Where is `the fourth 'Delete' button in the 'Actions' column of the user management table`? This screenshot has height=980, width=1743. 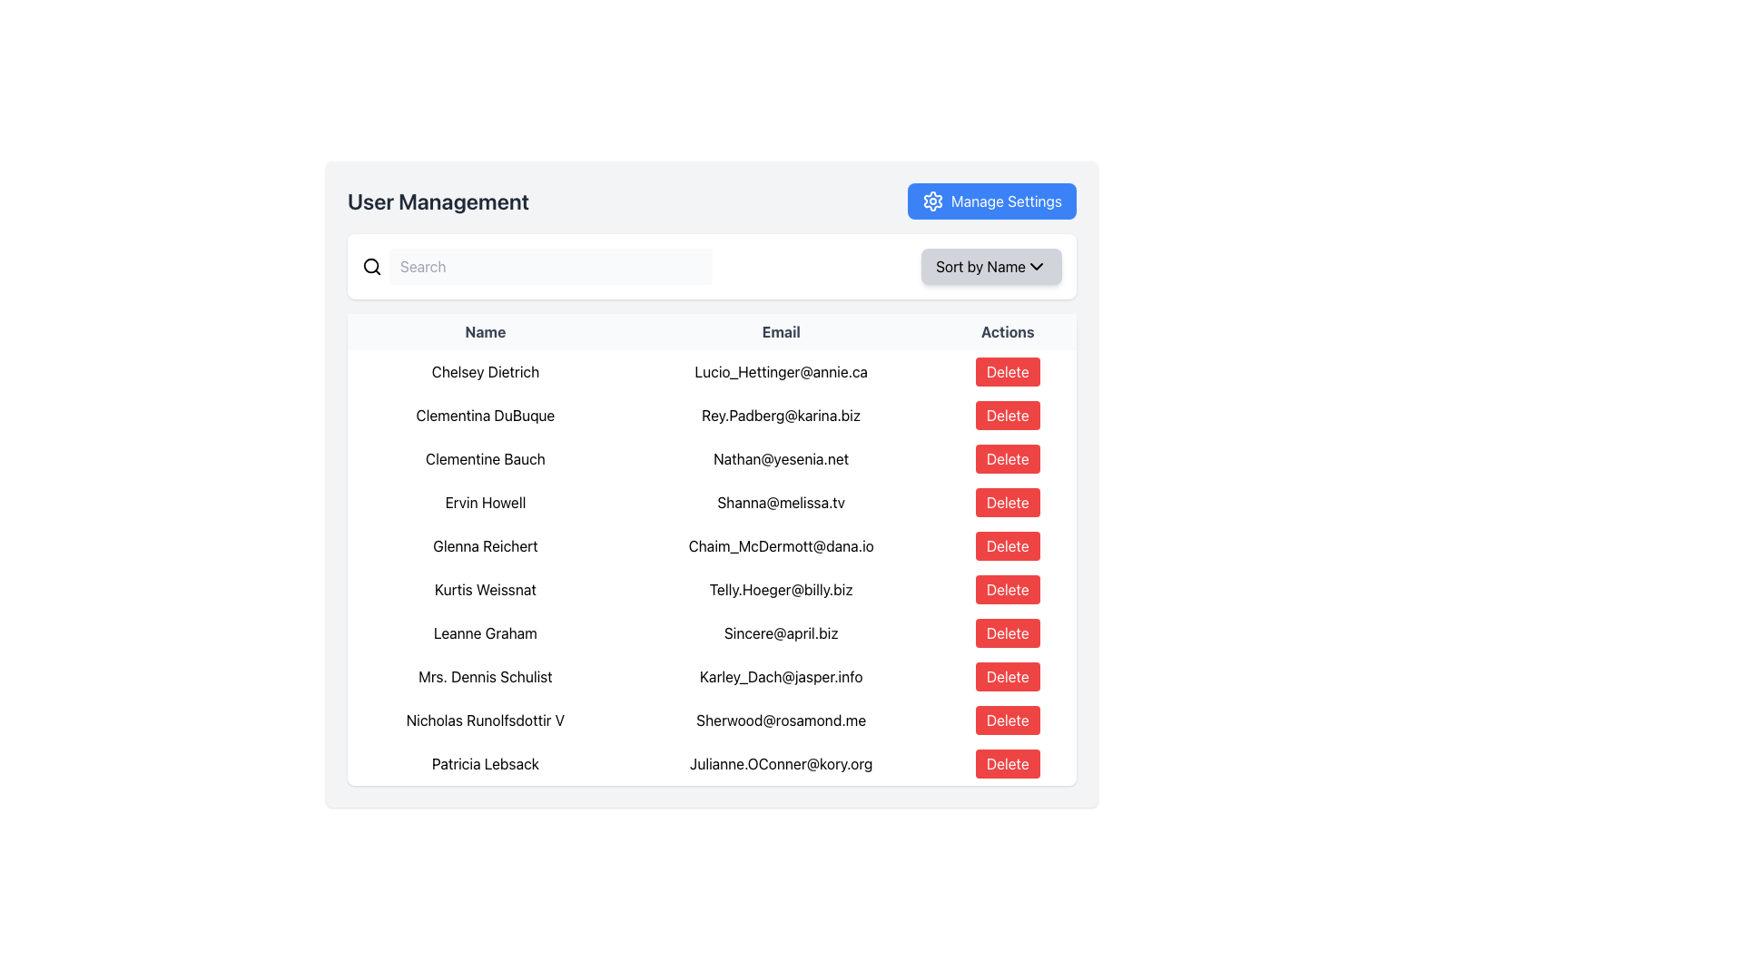
the fourth 'Delete' button in the 'Actions' column of the user management table is located at coordinates (1007, 503).